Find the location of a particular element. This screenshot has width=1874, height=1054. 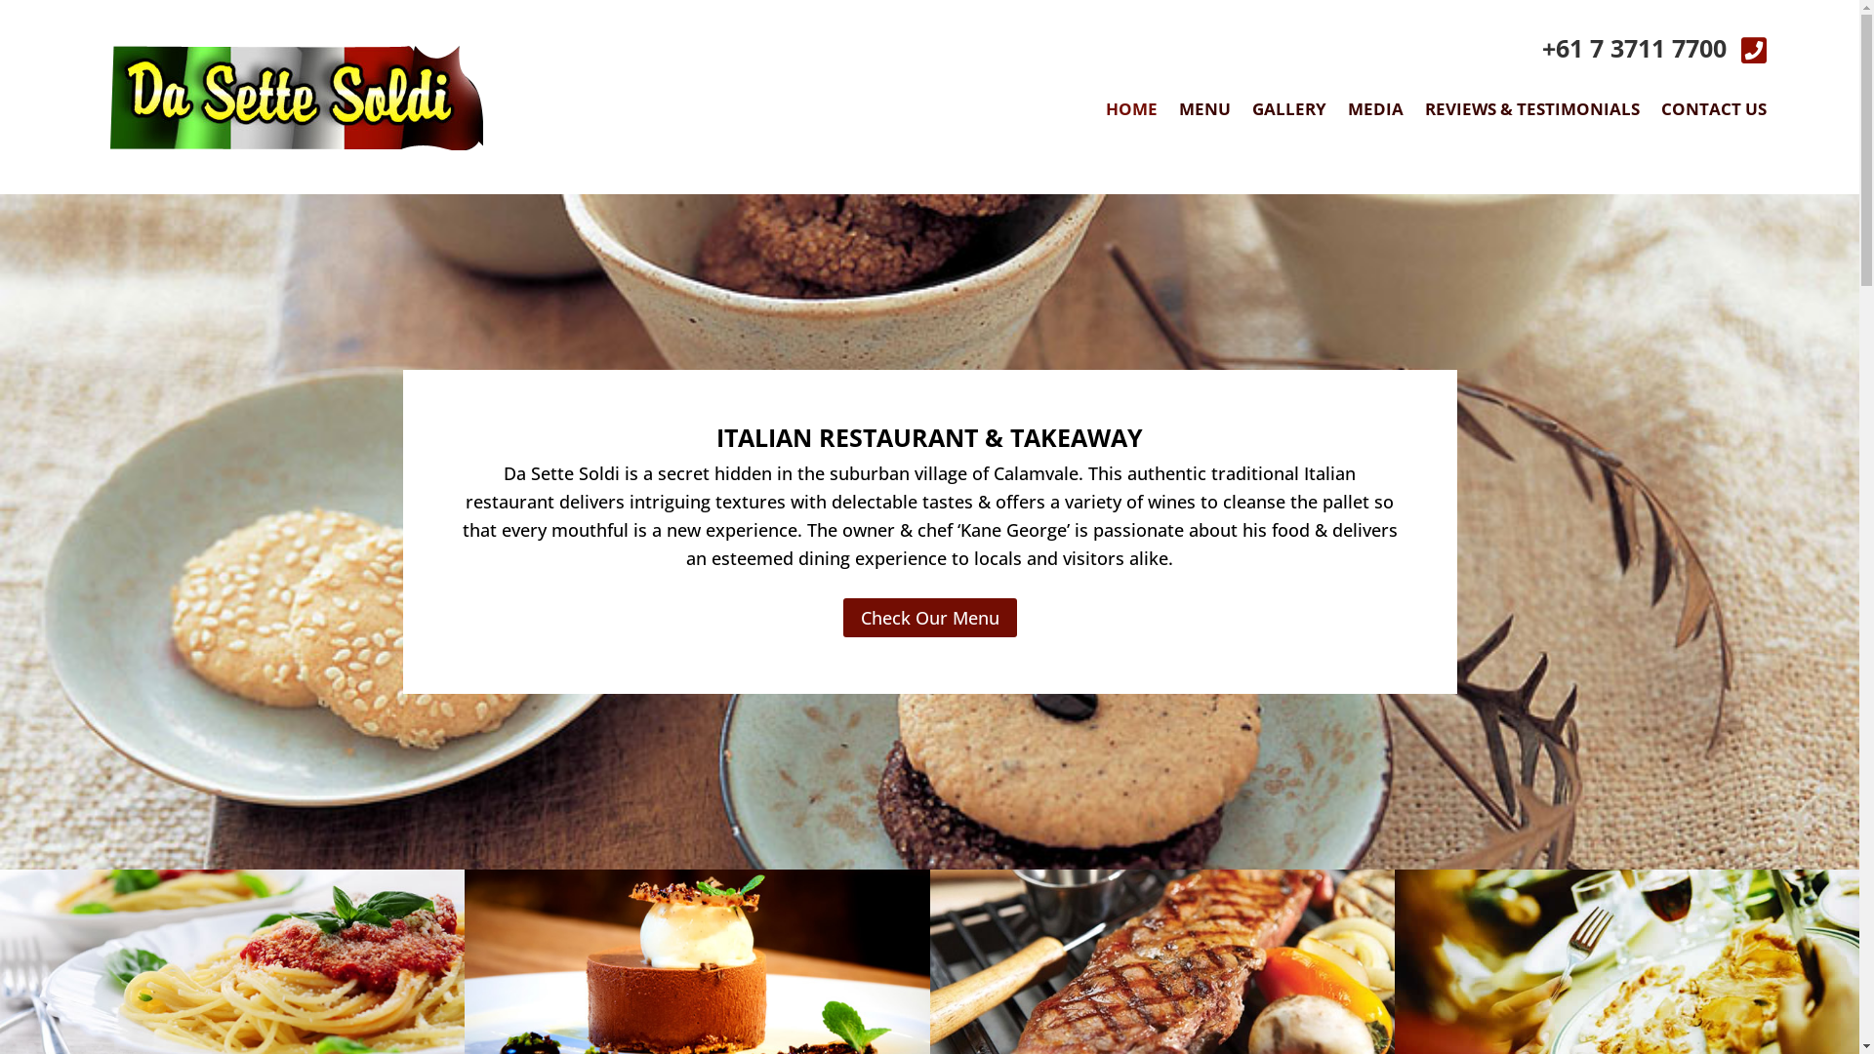

'+61 7 3711 7700' is located at coordinates (1634, 47).